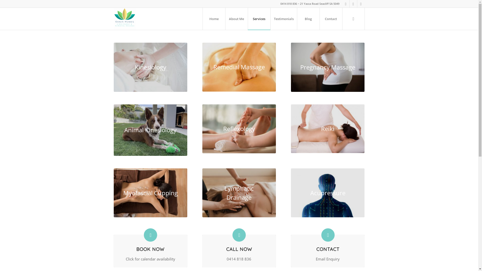 Image resolution: width=482 pixels, height=271 pixels. Describe the element at coordinates (247, 18) in the screenshot. I see `'Services'` at that location.